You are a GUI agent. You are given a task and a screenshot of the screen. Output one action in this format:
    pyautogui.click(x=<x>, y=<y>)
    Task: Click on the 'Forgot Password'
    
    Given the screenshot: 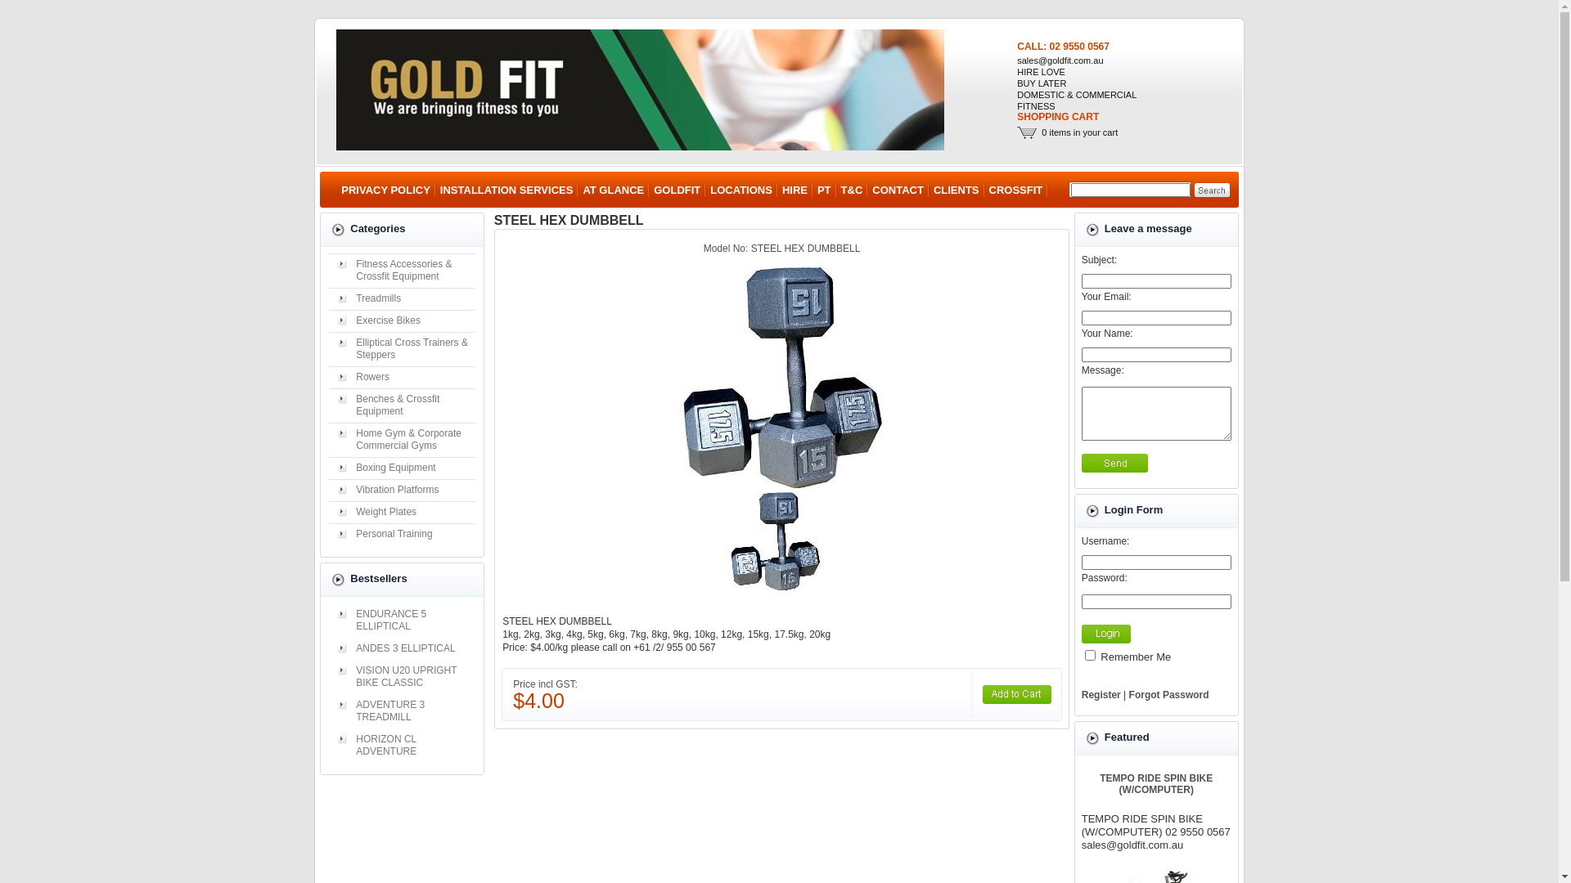 What is the action you would take?
    pyautogui.click(x=1168, y=694)
    